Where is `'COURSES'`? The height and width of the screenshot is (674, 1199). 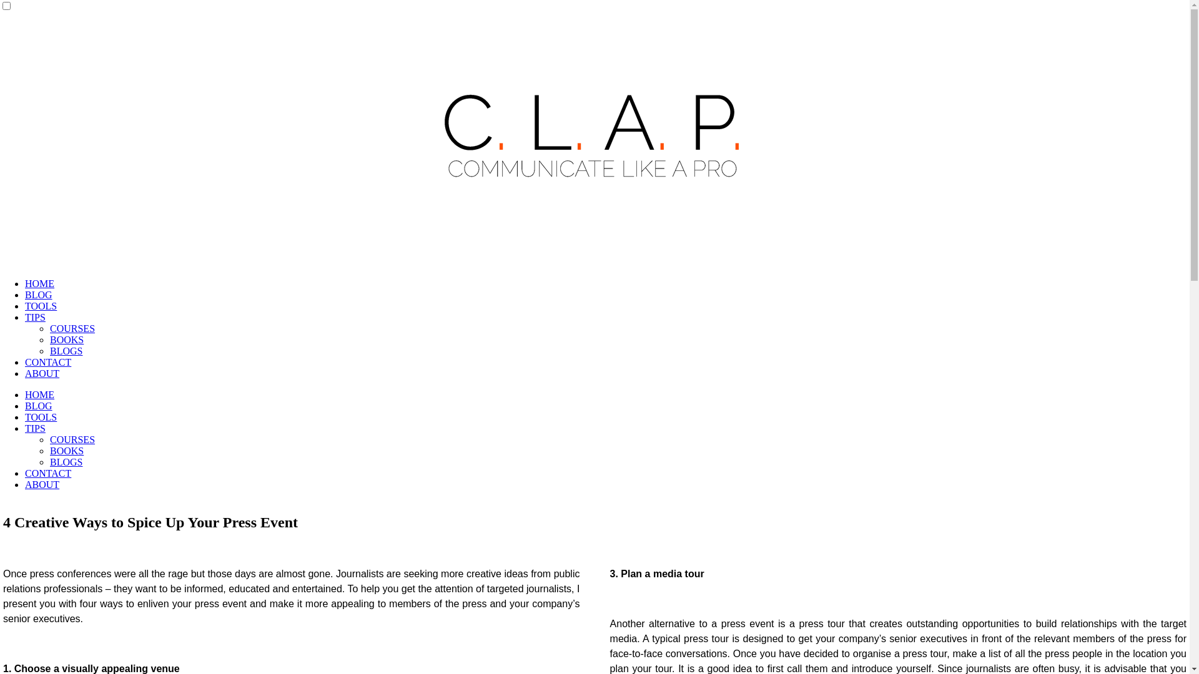
'COURSES' is located at coordinates (50, 328).